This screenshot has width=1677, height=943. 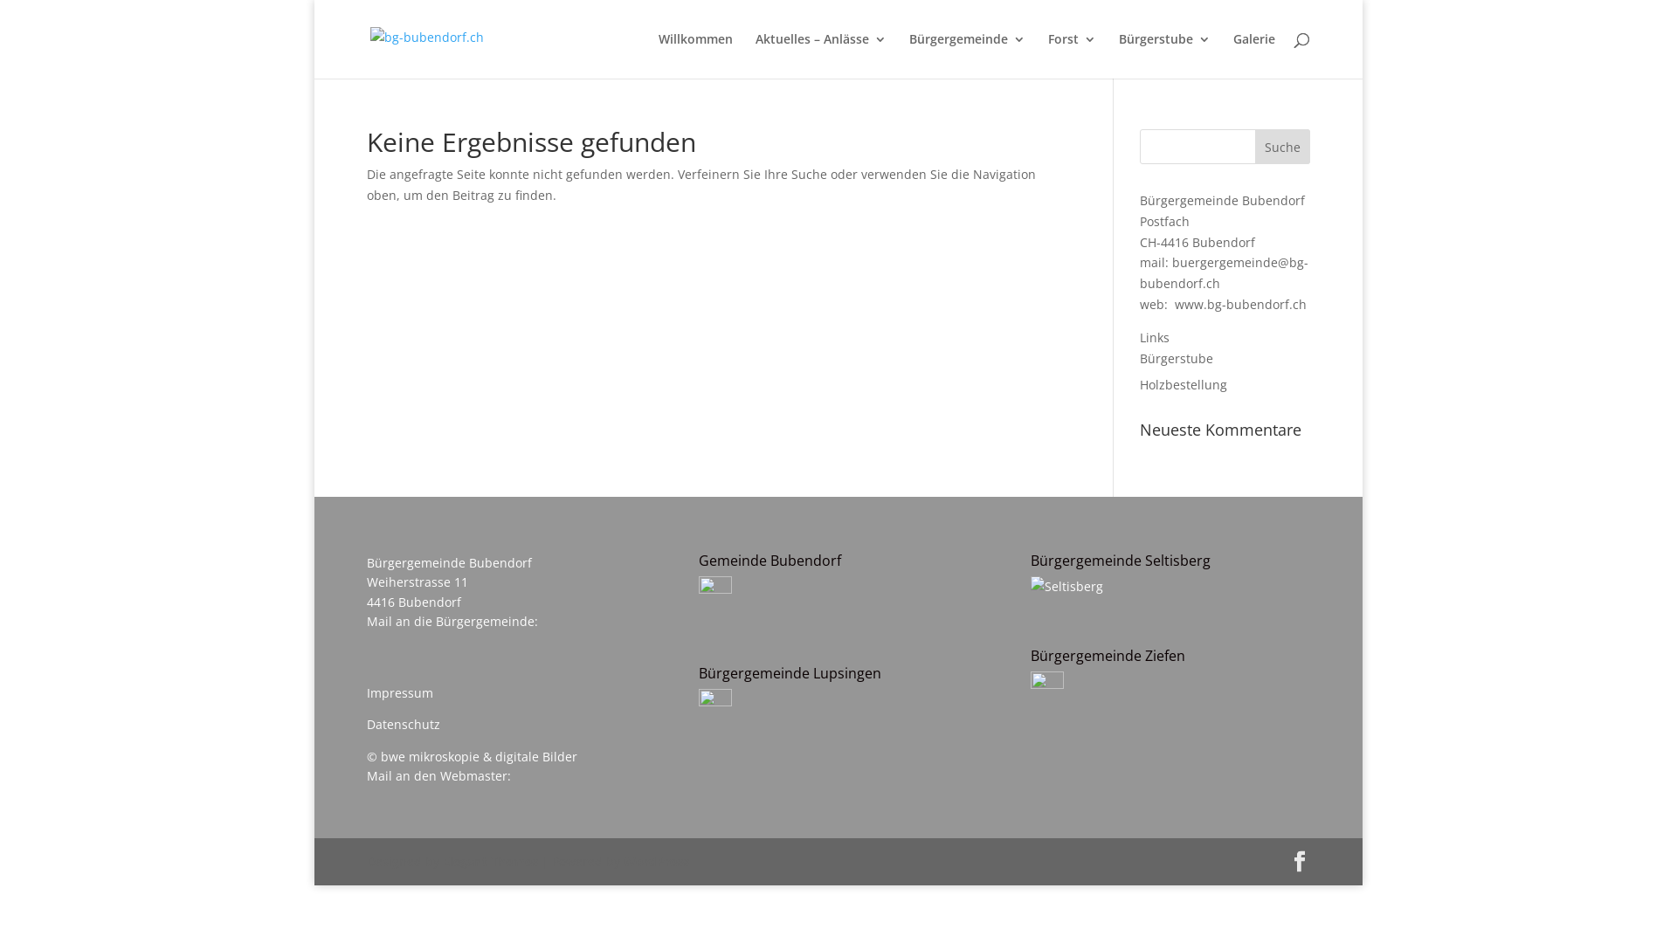 What do you see at coordinates (489, 860) in the screenshot?
I see `'Elegant Themes'` at bounding box center [489, 860].